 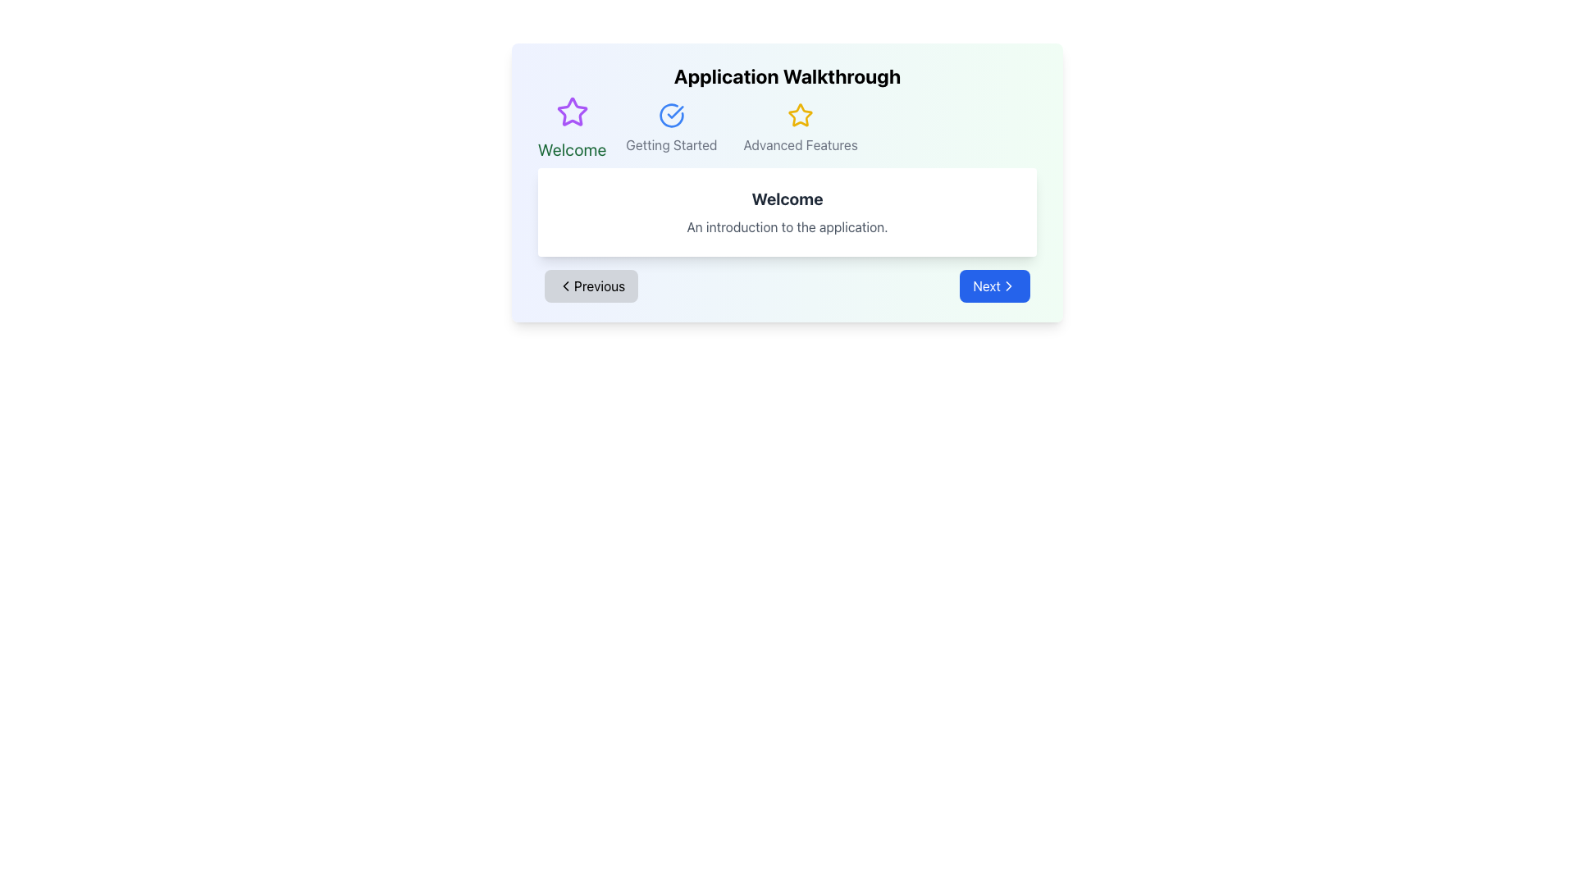 I want to click on the 'Advanced Features' element, which consists of a yellow star icon and a gray text label, so click(x=800, y=128).